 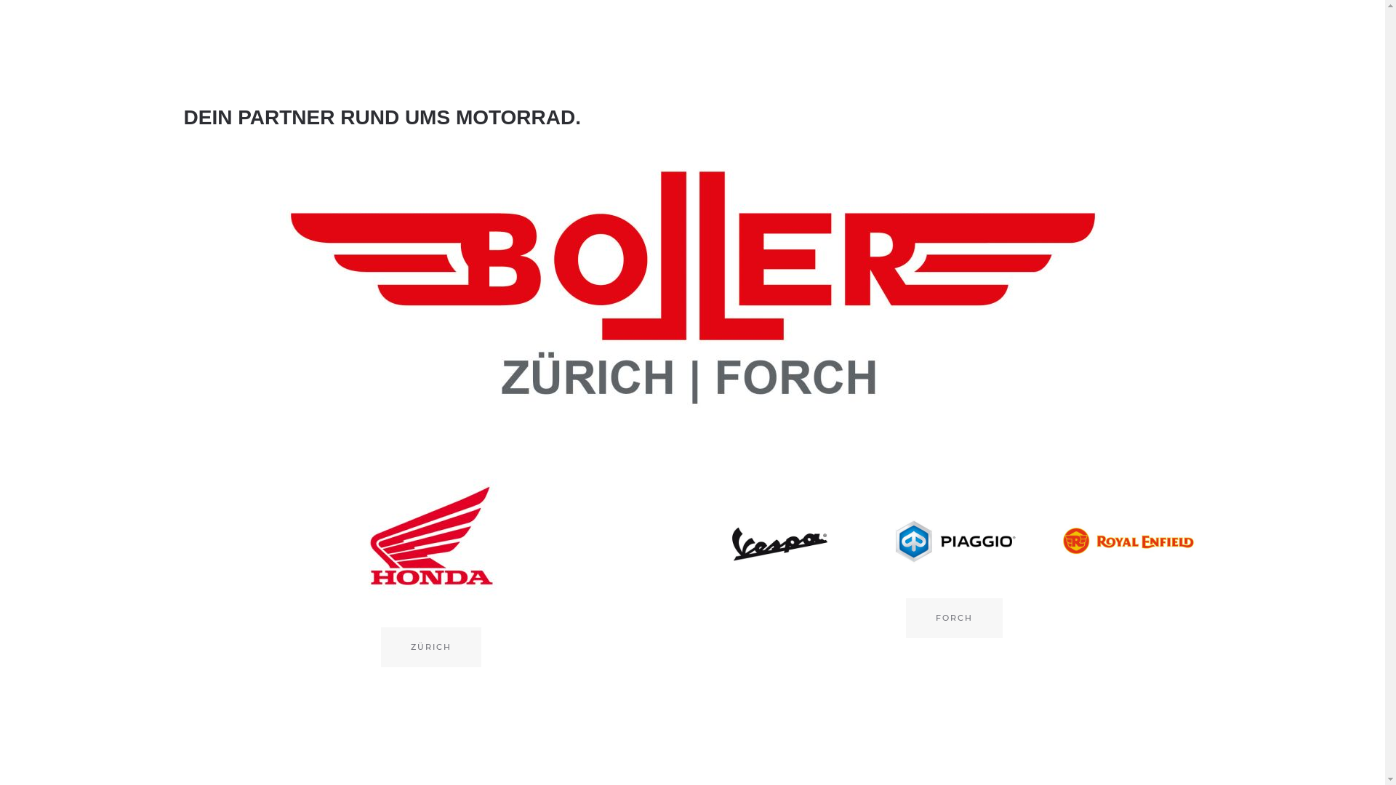 I want to click on 'FORCH', so click(x=954, y=618).